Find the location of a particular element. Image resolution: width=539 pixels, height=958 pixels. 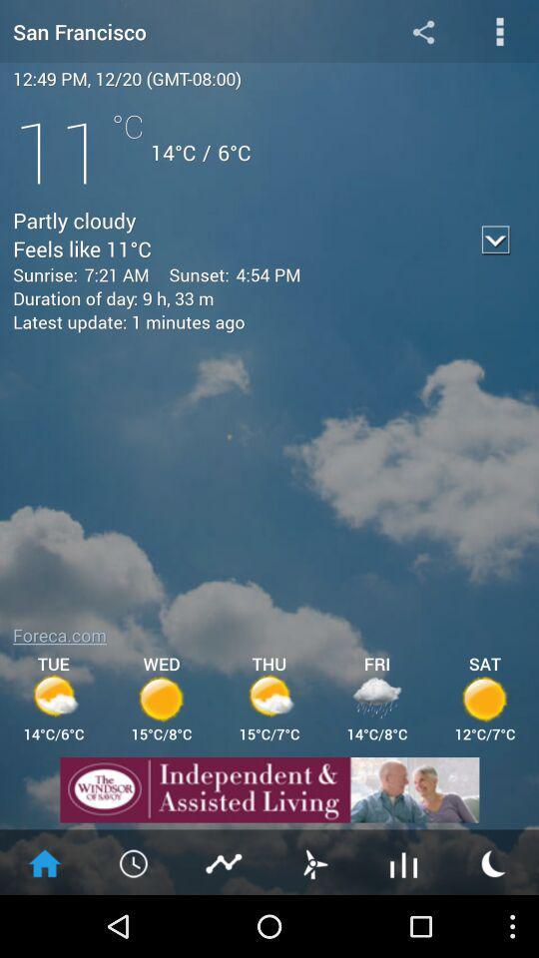

sleep is located at coordinates (493, 861).